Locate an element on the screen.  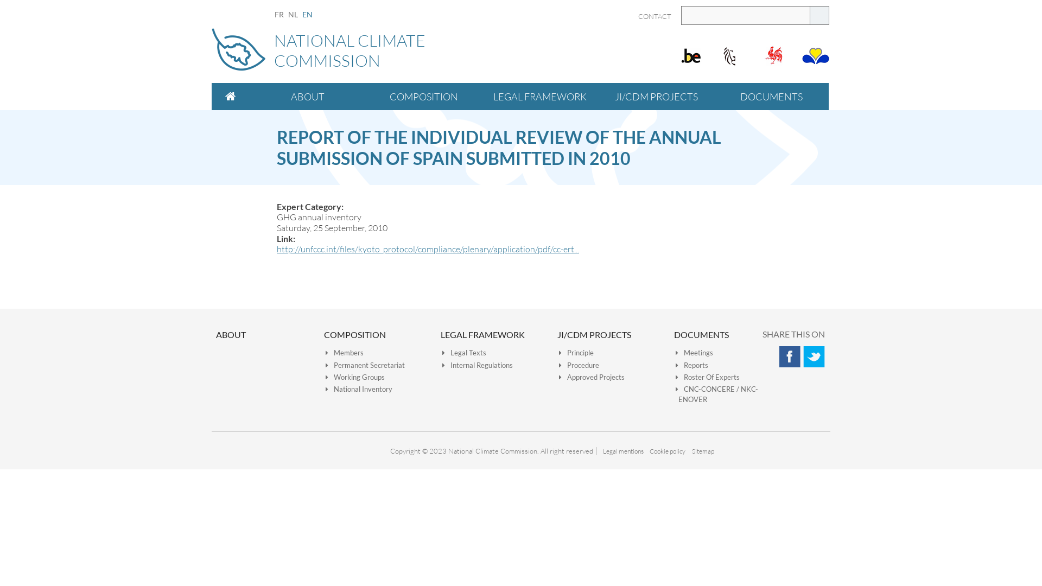
'CNC-CONCERE / NKC-ENOVER' is located at coordinates (716, 394).